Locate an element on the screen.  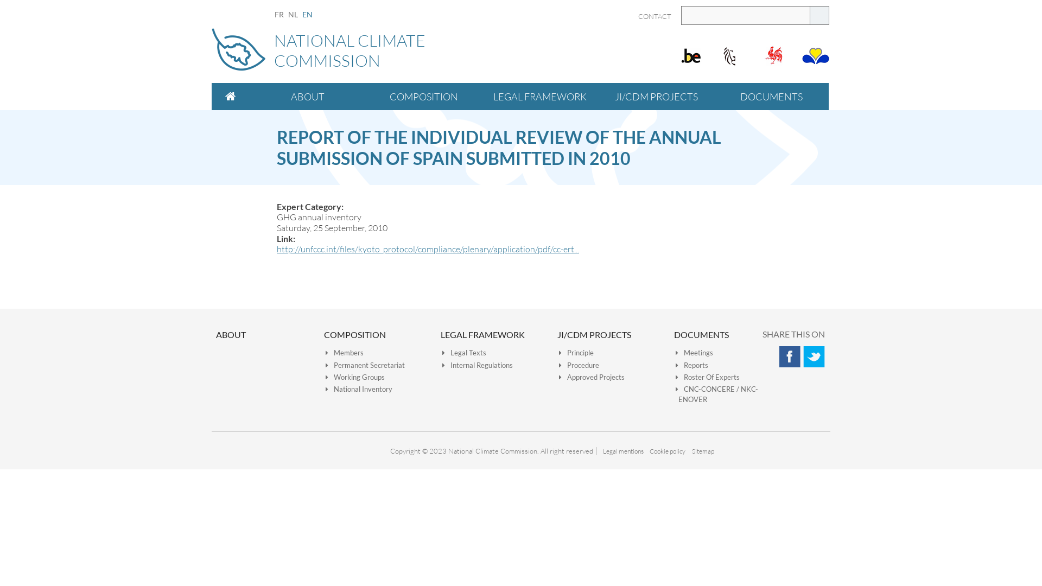
'CNC-CONCERE / NKC-ENOVER' is located at coordinates (716, 394).